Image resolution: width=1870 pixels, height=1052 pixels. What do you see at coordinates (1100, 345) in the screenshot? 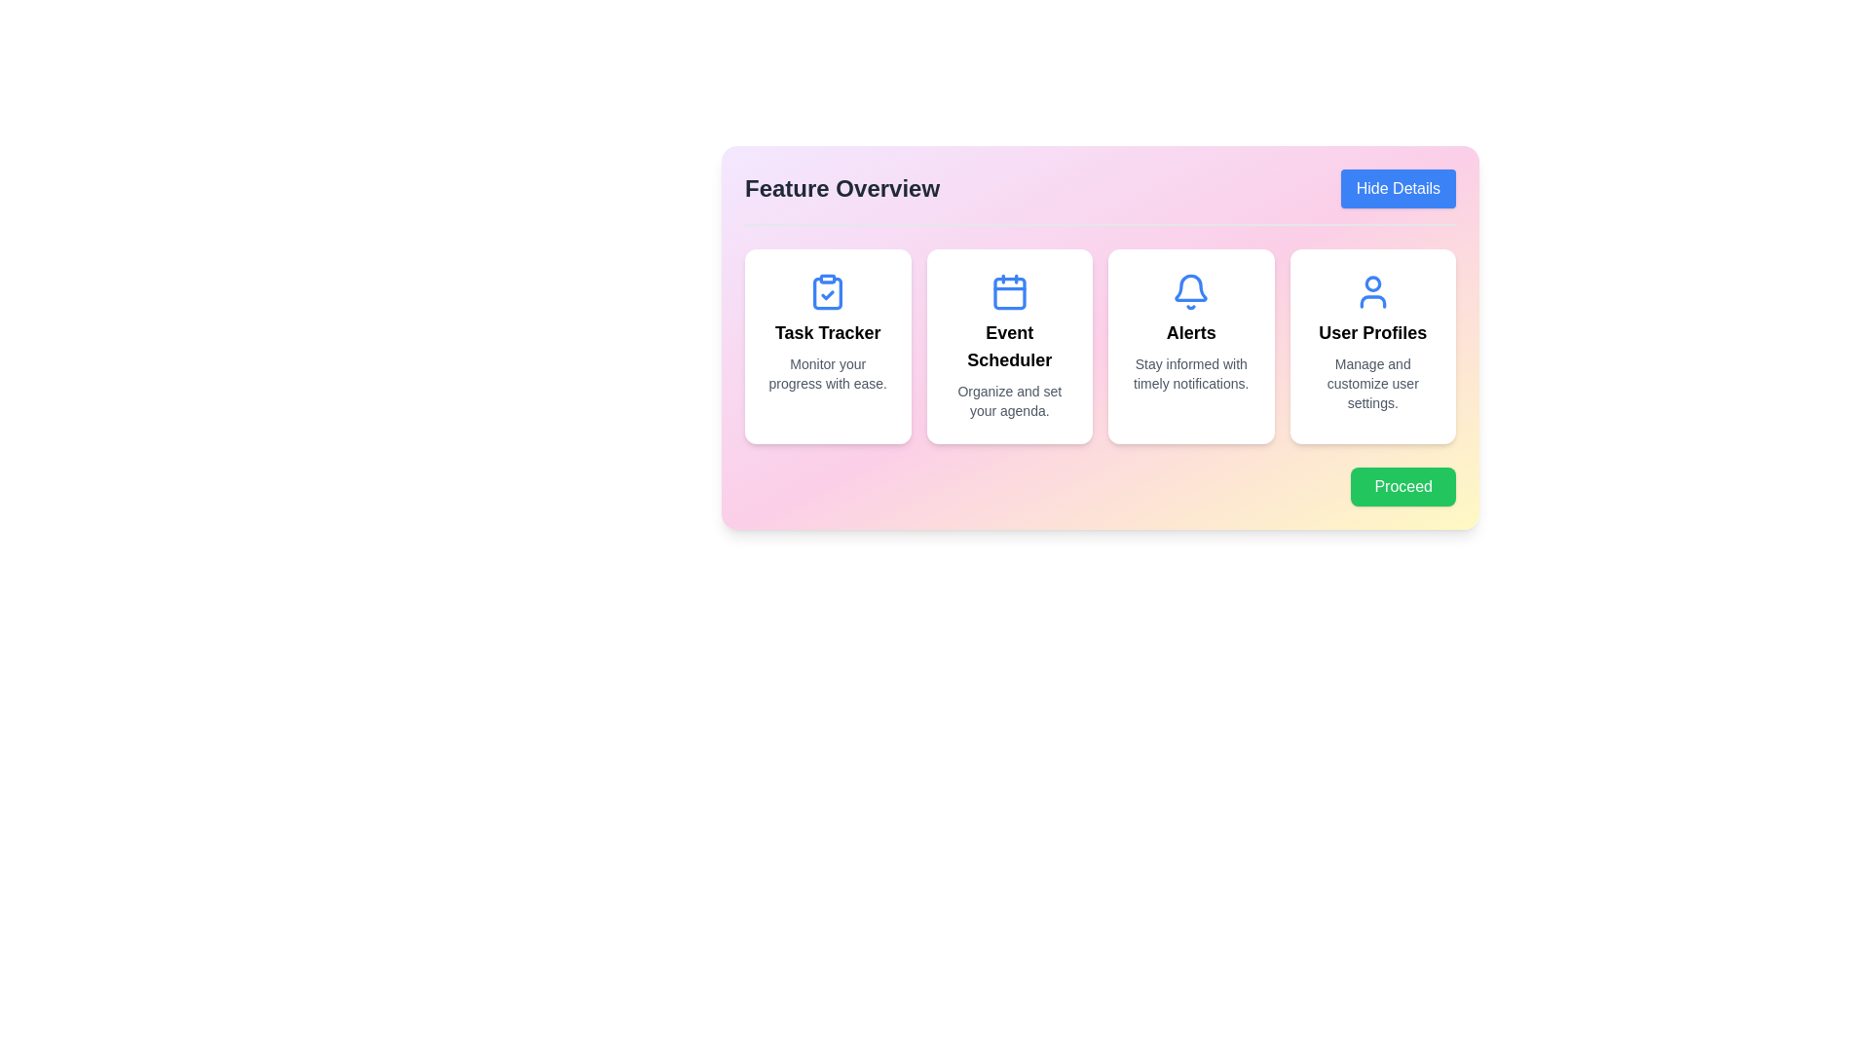
I see `the individual feature sections in the grid layout below the header titled 'Feature Overview' and above the green 'Proceed' button` at bounding box center [1100, 345].